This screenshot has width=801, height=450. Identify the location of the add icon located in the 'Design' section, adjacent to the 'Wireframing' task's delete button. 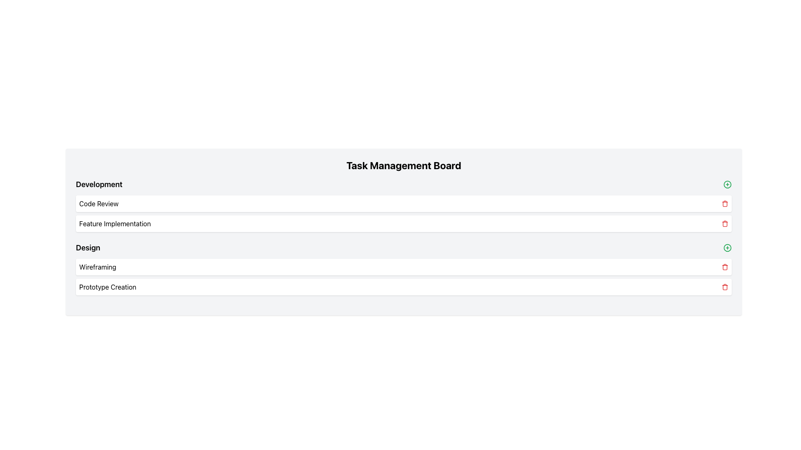
(727, 184).